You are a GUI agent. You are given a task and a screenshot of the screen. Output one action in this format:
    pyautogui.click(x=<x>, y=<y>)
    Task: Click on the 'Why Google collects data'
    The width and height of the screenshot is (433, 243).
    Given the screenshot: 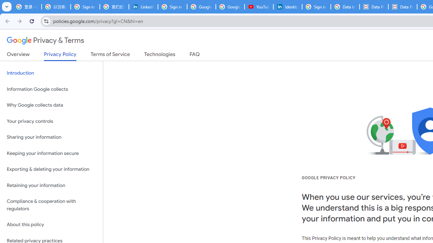 What is the action you would take?
    pyautogui.click(x=51, y=105)
    